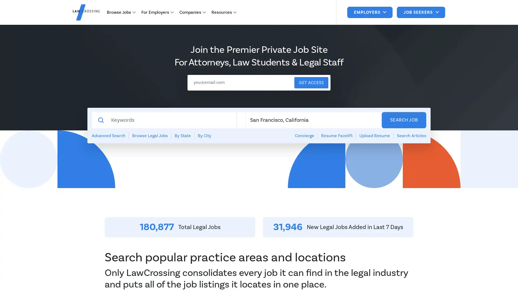 The image size is (518, 291). What do you see at coordinates (404, 120) in the screenshot?
I see `SEARCH JOB` at bounding box center [404, 120].